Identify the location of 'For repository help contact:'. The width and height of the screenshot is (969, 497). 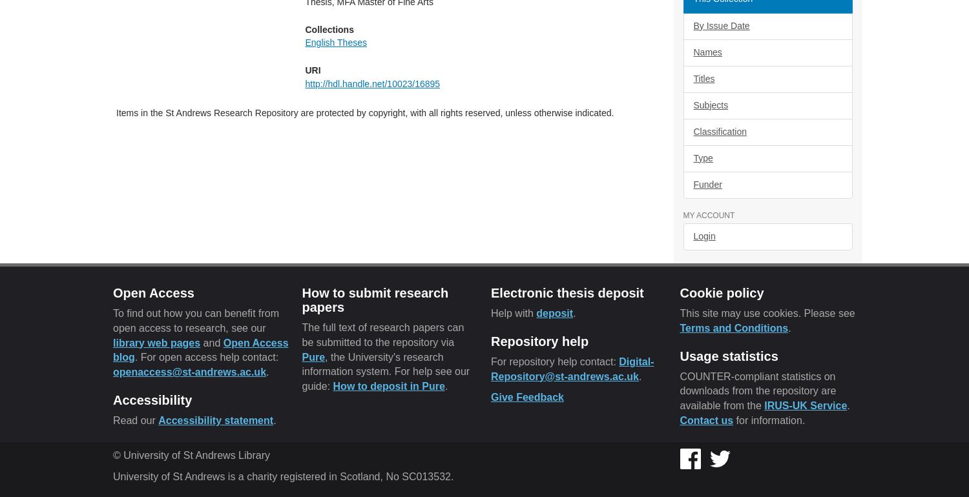
(554, 361).